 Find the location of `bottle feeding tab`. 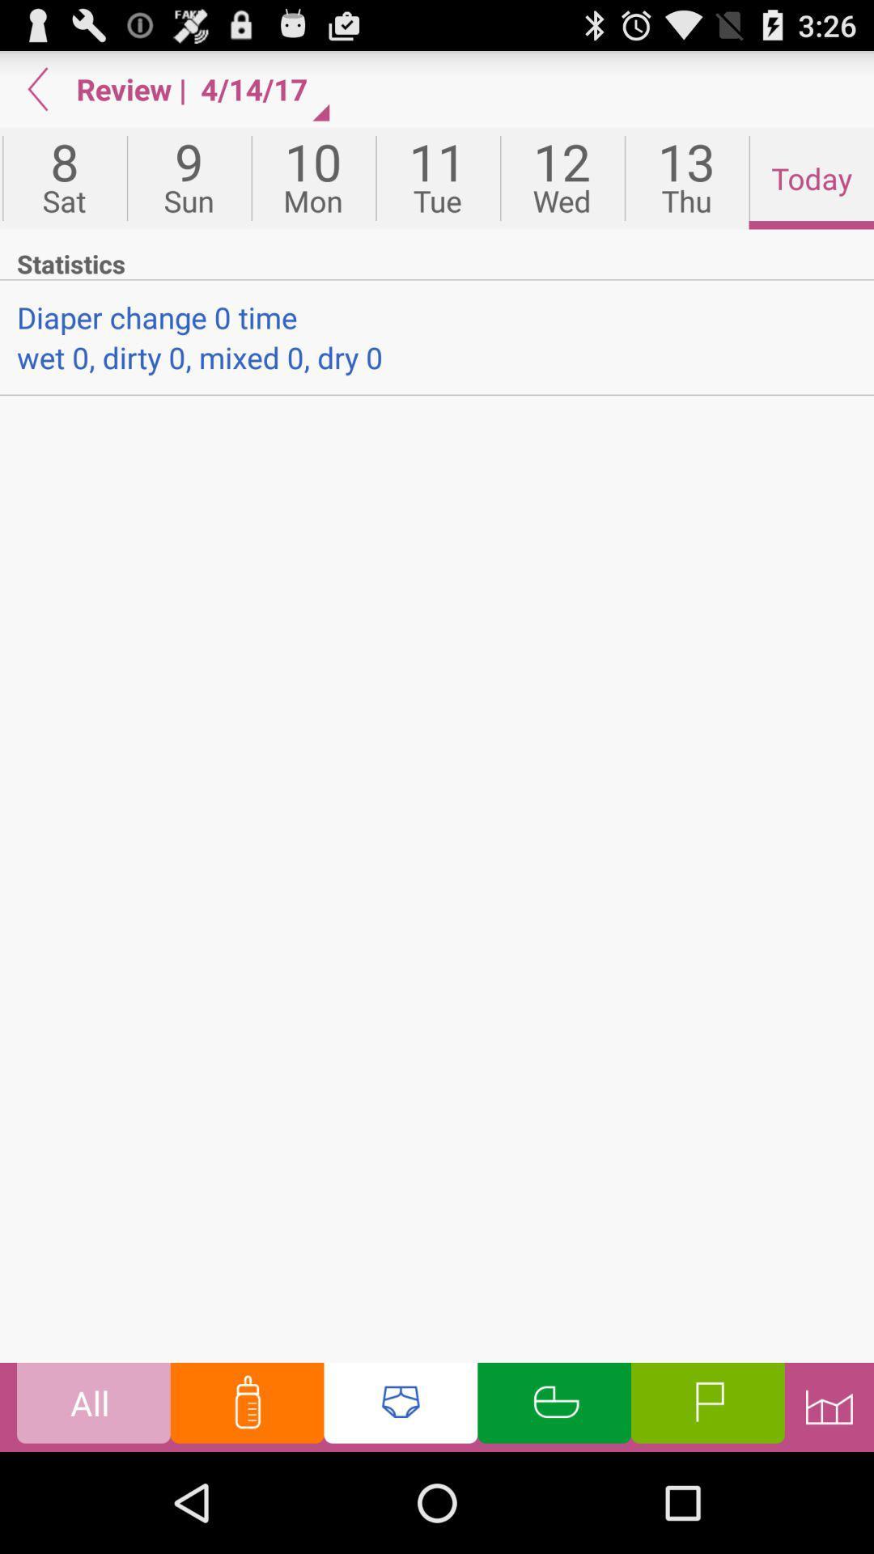

bottle feeding tab is located at coordinates (247, 1406).